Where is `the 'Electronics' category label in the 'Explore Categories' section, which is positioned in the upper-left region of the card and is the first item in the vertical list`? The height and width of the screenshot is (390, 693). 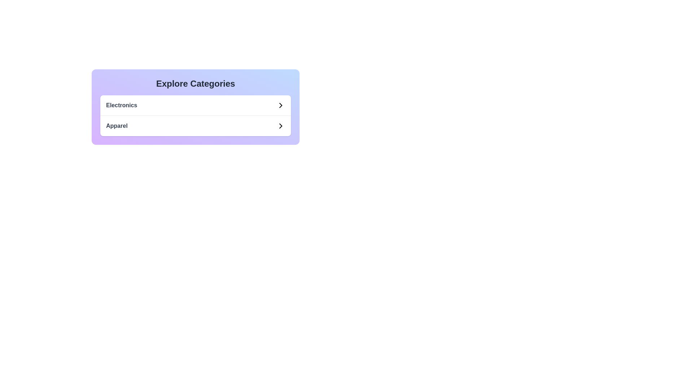 the 'Electronics' category label in the 'Explore Categories' section, which is positioned in the upper-left region of the card and is the first item in the vertical list is located at coordinates (122, 105).